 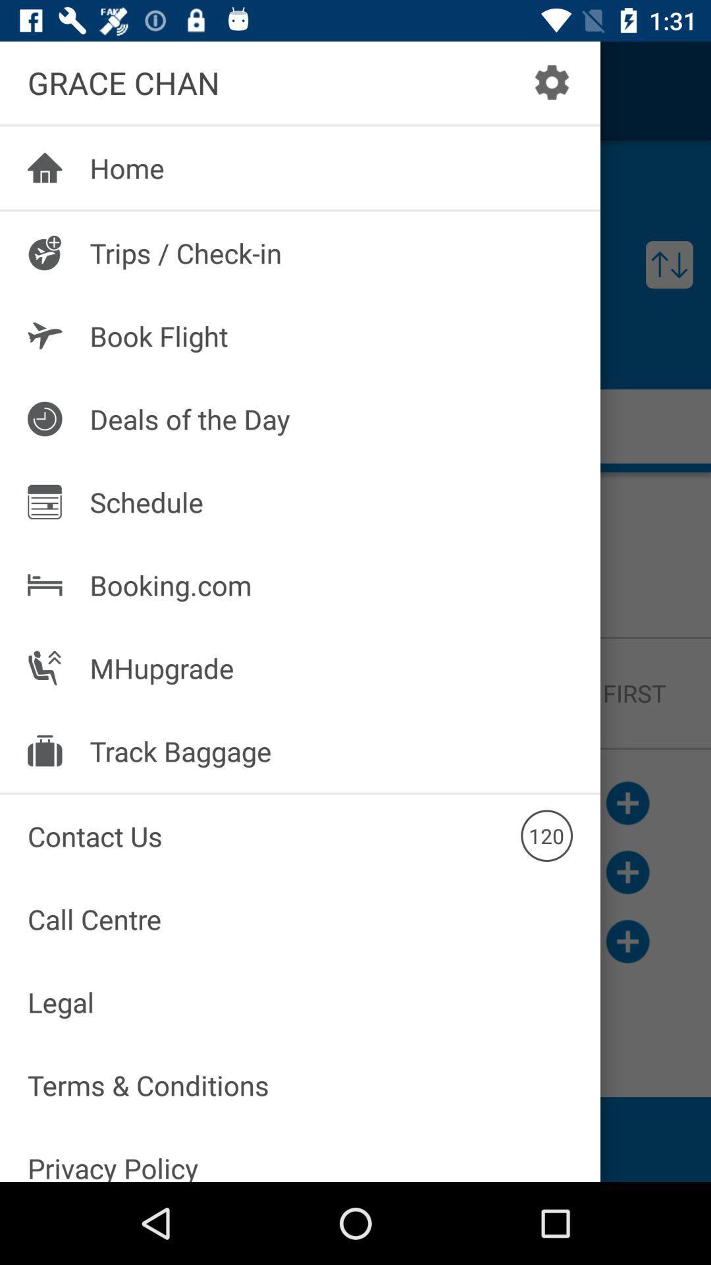 What do you see at coordinates (627, 872) in the screenshot?
I see `the add icon` at bounding box center [627, 872].